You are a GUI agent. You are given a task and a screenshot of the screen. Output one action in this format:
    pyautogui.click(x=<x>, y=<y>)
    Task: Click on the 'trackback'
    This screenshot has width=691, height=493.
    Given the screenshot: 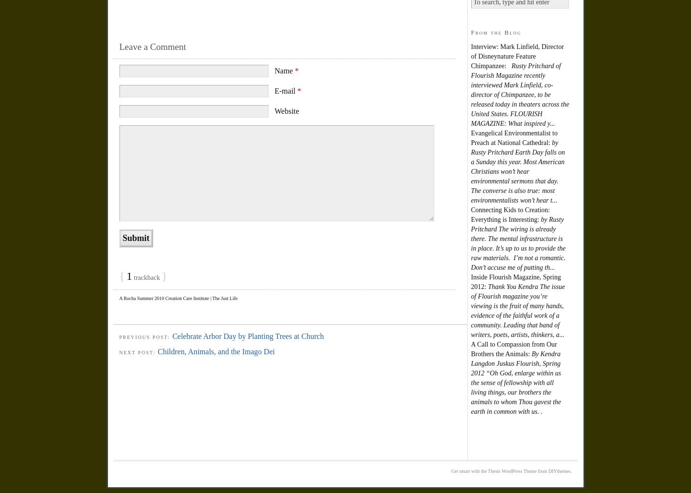 What is the action you would take?
    pyautogui.click(x=131, y=277)
    